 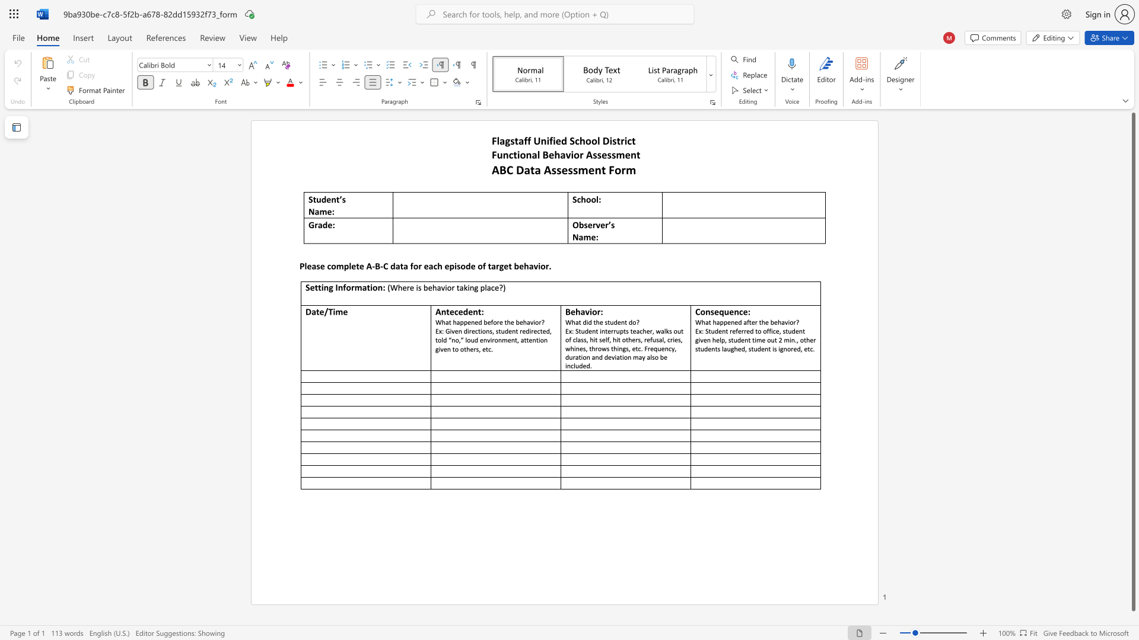 I want to click on the subset text "n given to others, et" within the text "loud environment, attention given to others, etc.", so click(x=543, y=340).